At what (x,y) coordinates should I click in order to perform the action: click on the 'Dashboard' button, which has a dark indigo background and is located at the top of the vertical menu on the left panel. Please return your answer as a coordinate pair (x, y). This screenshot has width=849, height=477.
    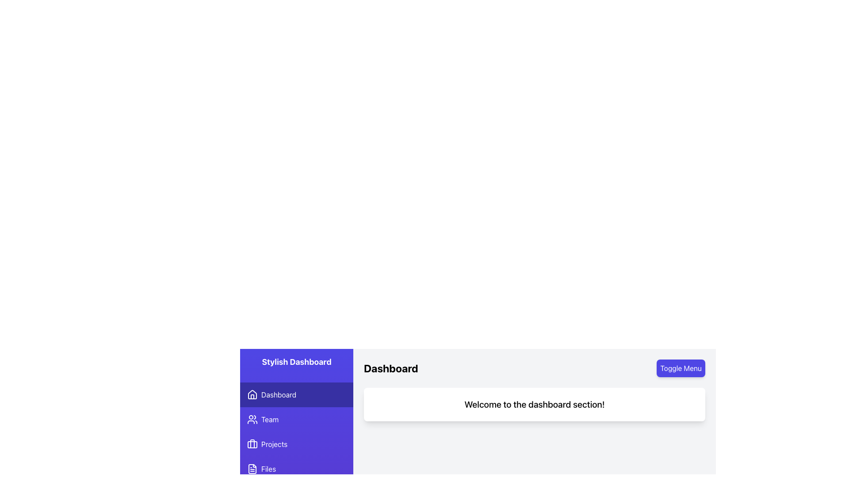
    Looking at the image, I should click on (297, 394).